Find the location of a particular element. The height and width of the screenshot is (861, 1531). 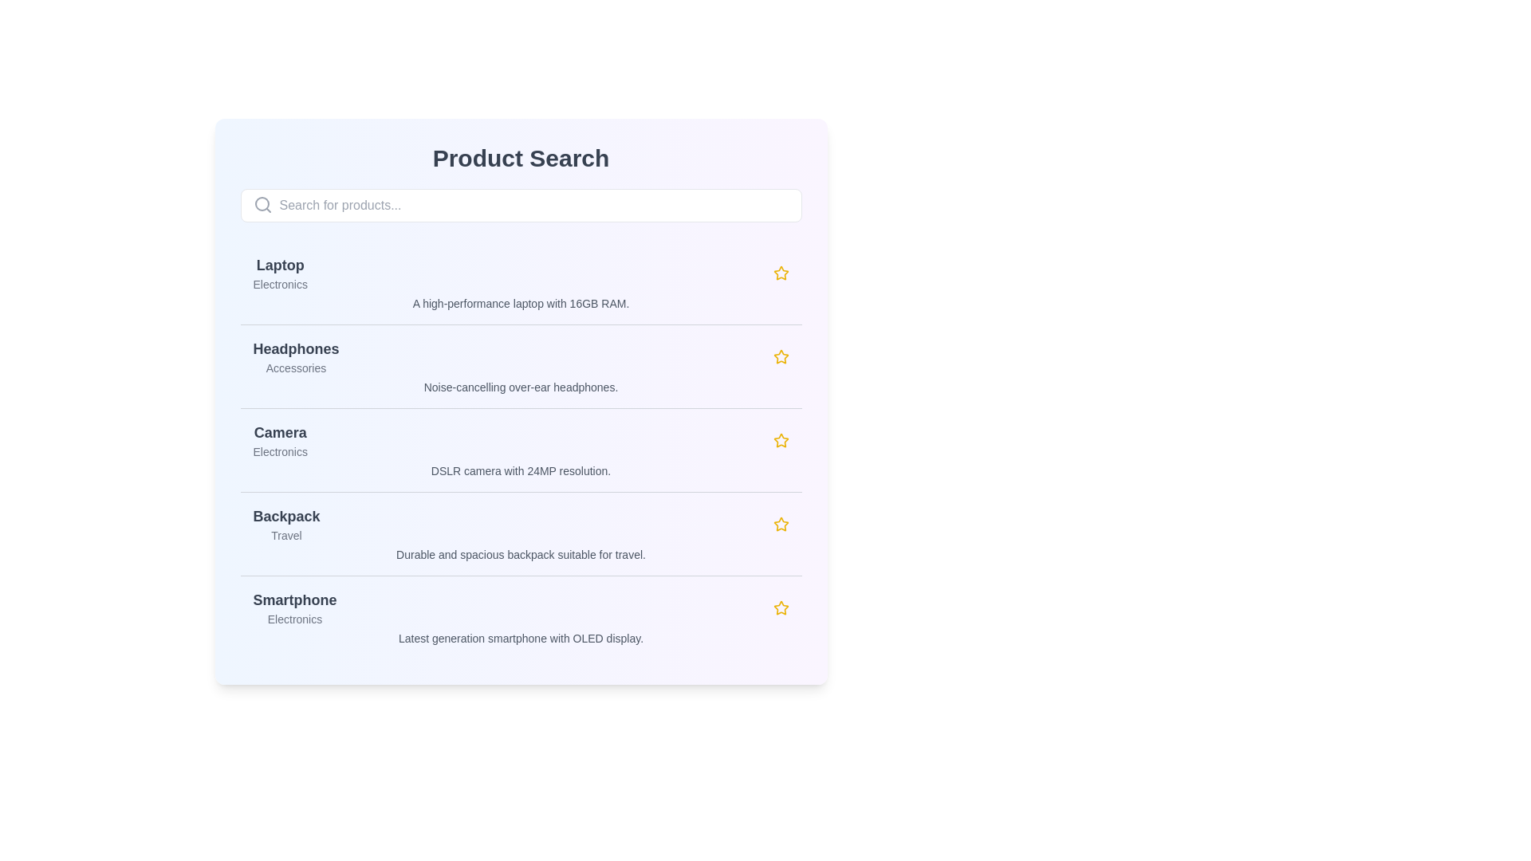

the third product listing item in the vertically stacked list, which displays information about a DSLR camera product, located between 'Headphones Accessories' and 'Backpack Travel' is located at coordinates (521, 450).